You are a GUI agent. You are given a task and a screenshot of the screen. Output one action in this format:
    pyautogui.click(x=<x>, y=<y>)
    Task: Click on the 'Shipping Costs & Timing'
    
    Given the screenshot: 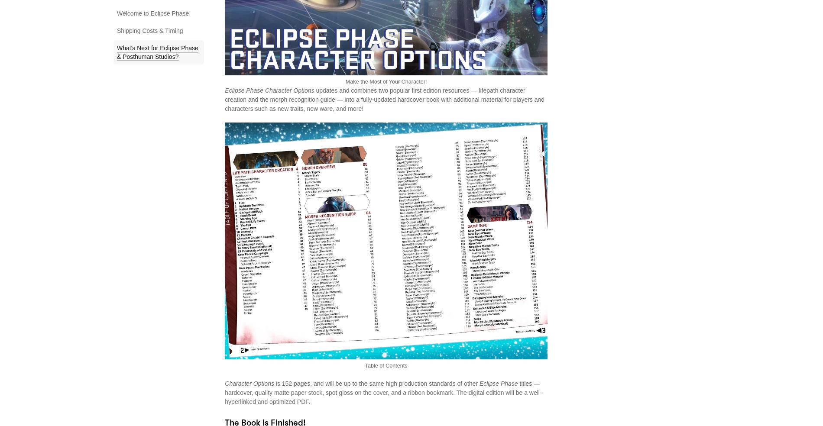 What is the action you would take?
    pyautogui.click(x=149, y=30)
    